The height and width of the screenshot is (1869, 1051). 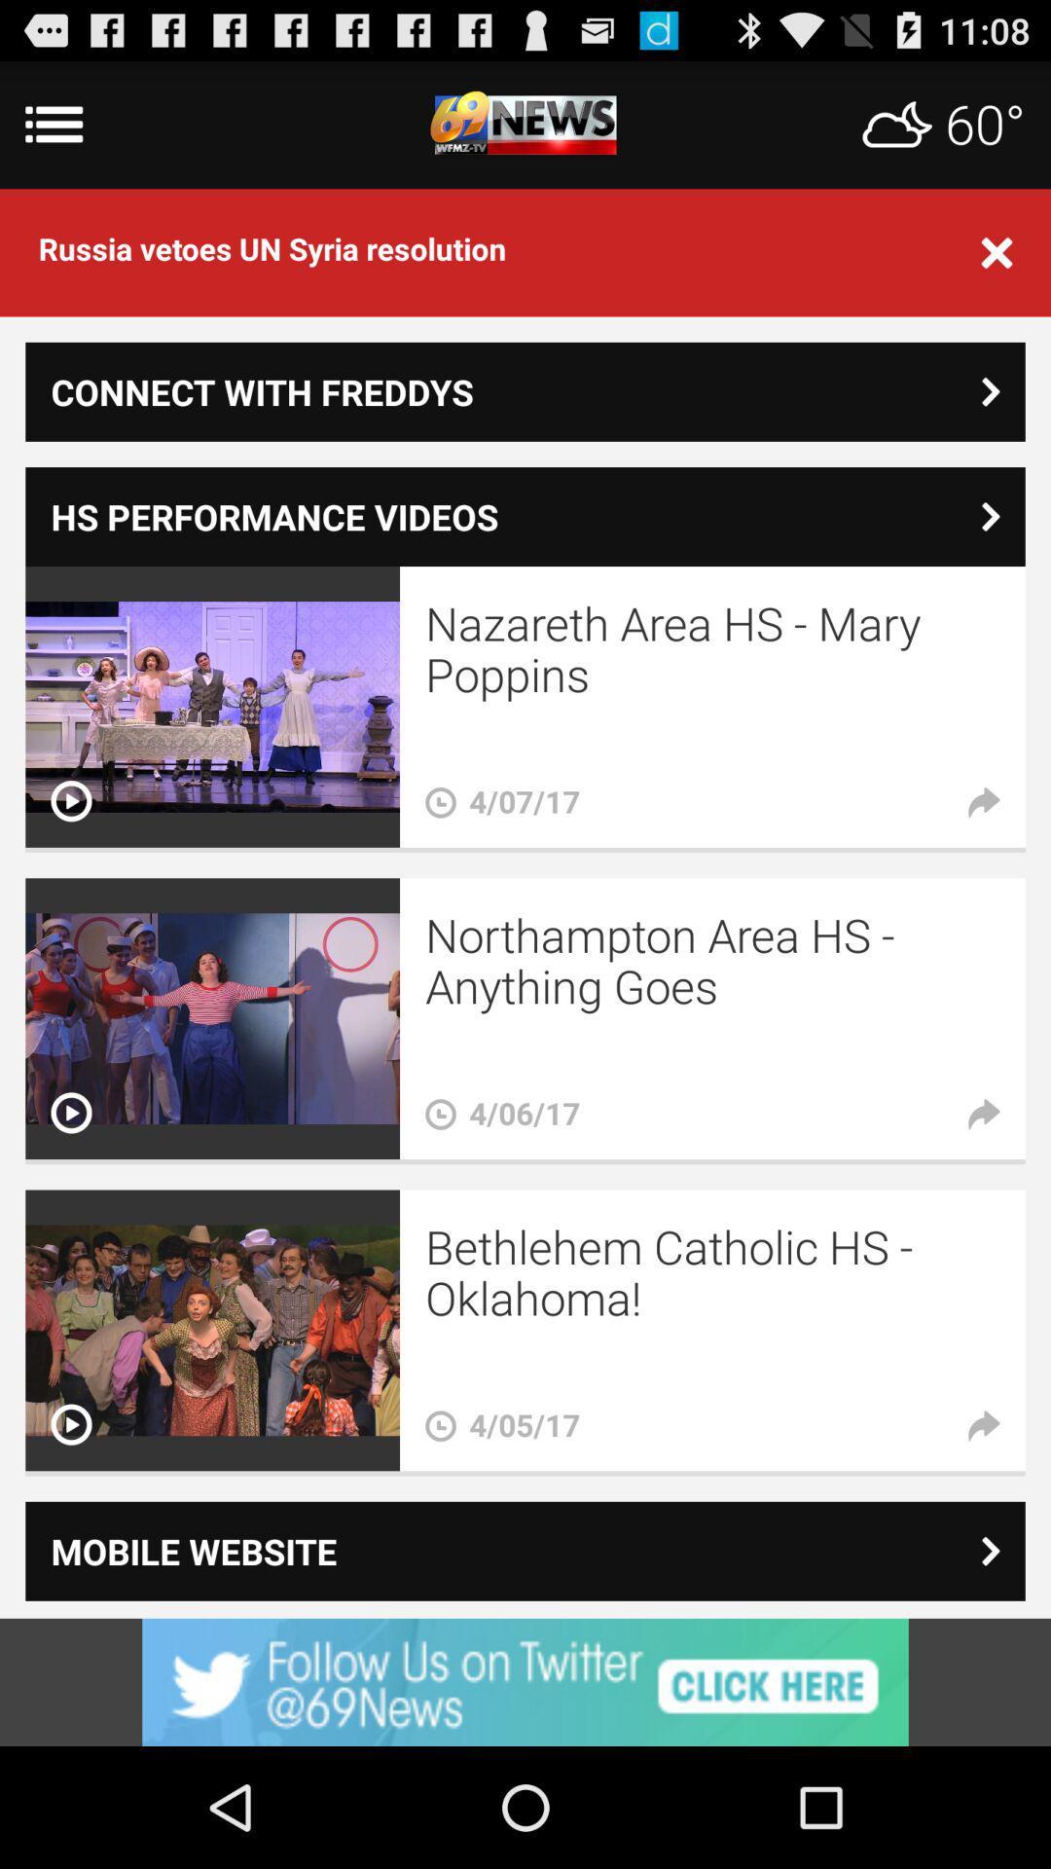 I want to click on open advertisement, so click(x=525, y=1681).